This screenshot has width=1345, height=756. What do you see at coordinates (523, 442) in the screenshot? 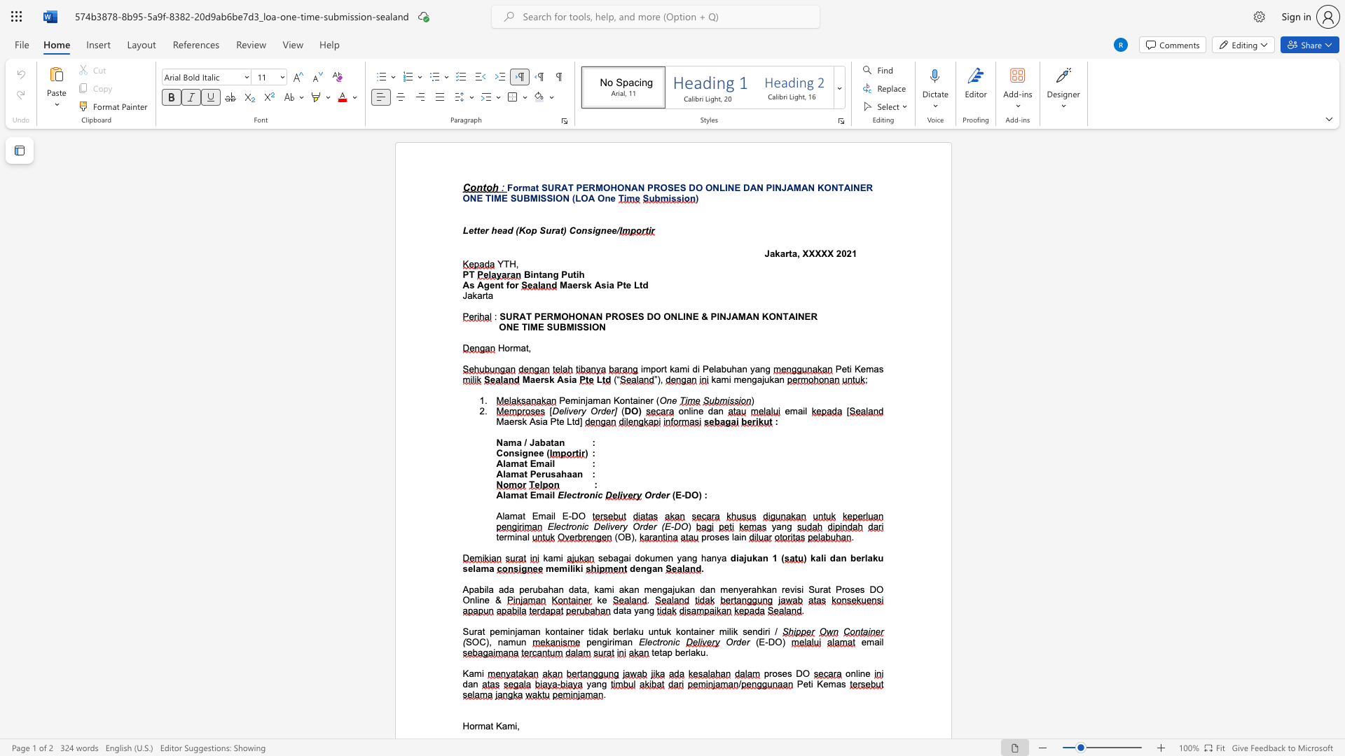
I see `the subset text "/ Jabatan" within the text "Nama / Jabatan"` at bounding box center [523, 442].